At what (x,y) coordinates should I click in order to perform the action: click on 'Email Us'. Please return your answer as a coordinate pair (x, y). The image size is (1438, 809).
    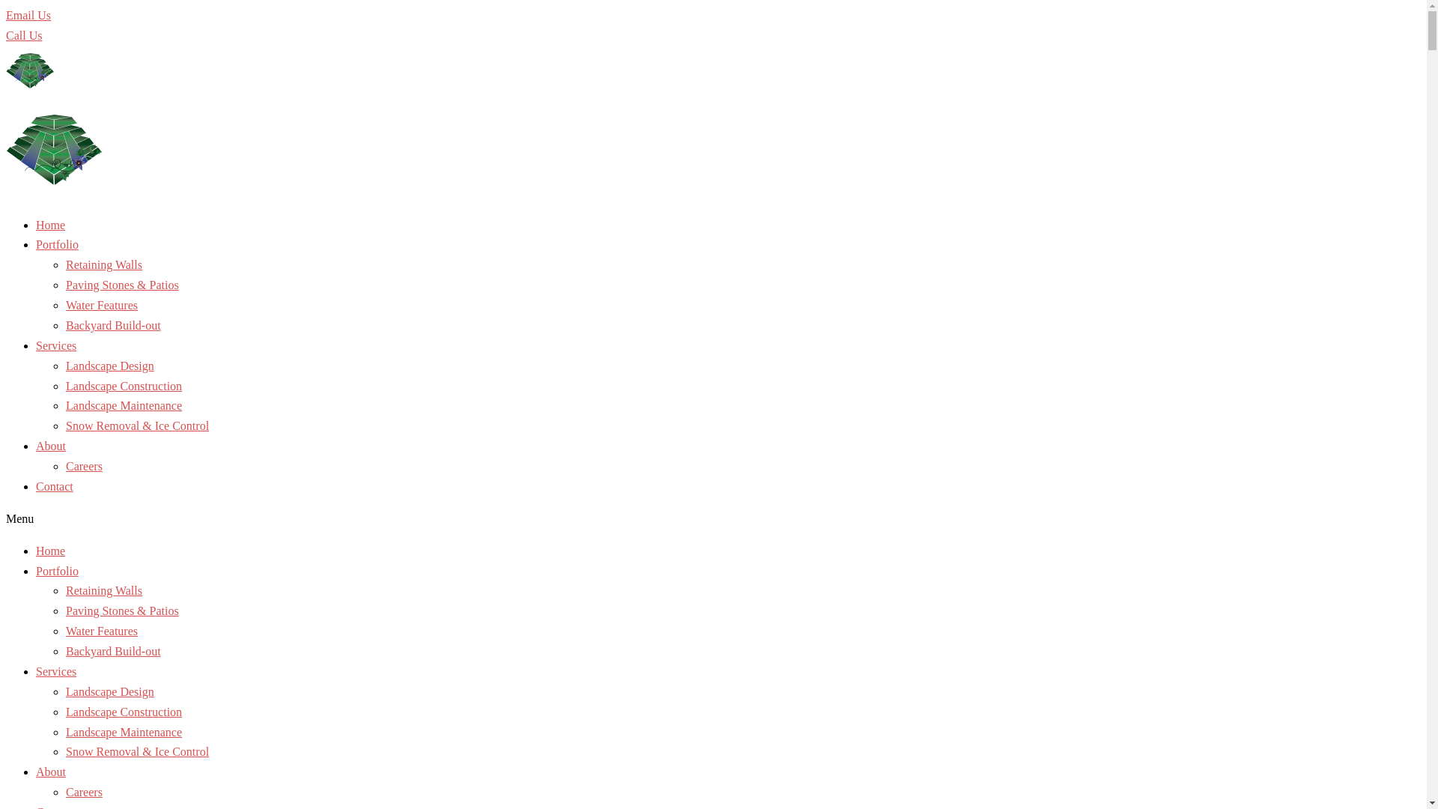
    Looking at the image, I should click on (28, 15).